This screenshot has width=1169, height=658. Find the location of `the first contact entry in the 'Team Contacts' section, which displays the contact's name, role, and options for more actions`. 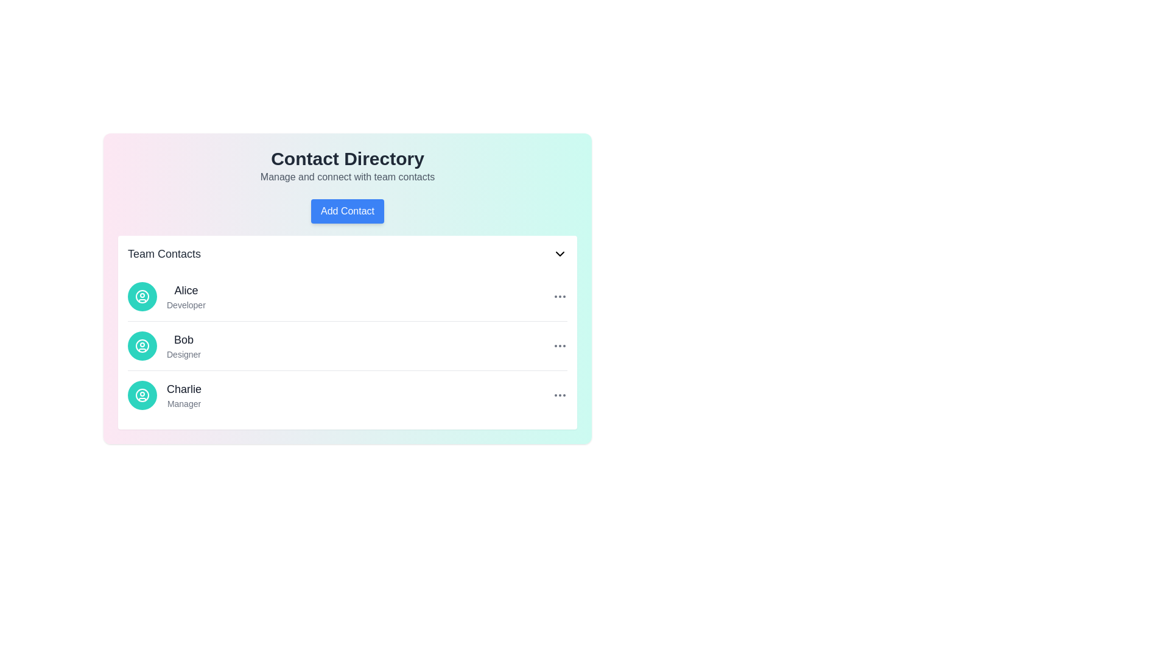

the first contact entry in the 'Team Contacts' section, which displays the contact's name, role, and options for more actions is located at coordinates (347, 296).